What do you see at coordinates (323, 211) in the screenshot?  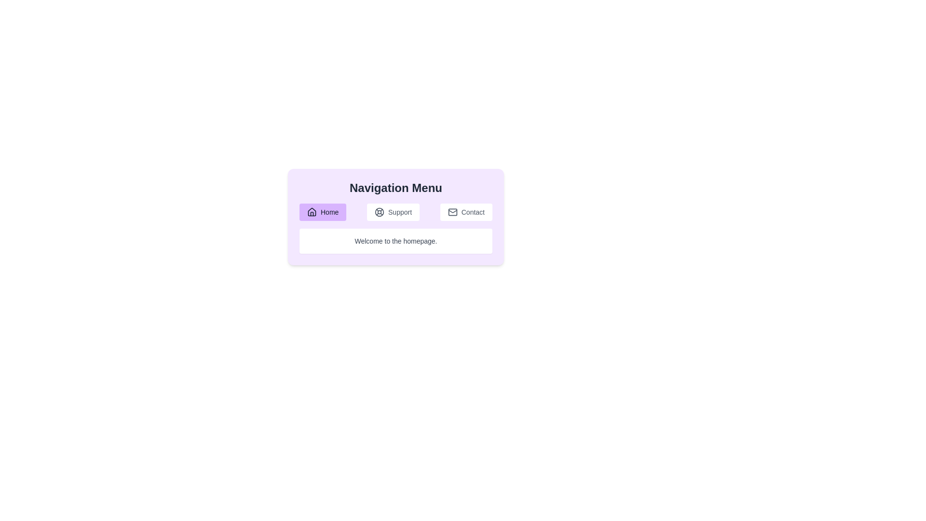 I see `the 'Home' button with a house icon in the navigation menu` at bounding box center [323, 211].